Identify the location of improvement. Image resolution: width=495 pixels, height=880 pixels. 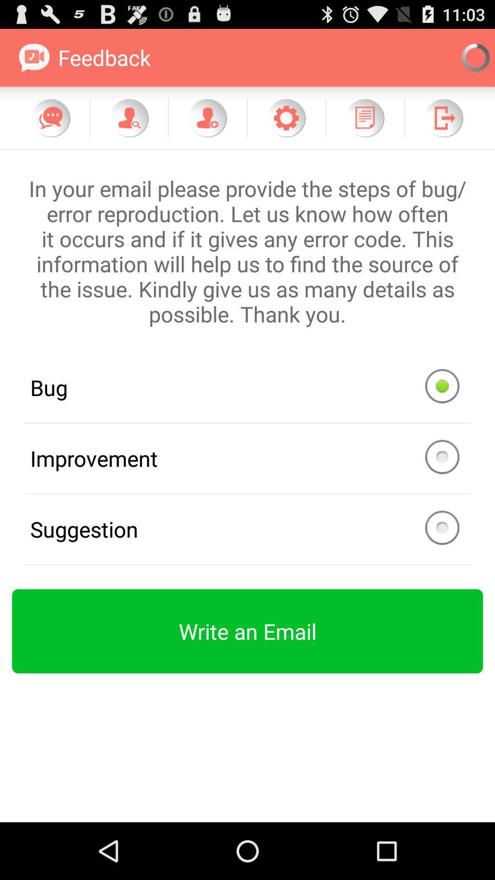
(247, 458).